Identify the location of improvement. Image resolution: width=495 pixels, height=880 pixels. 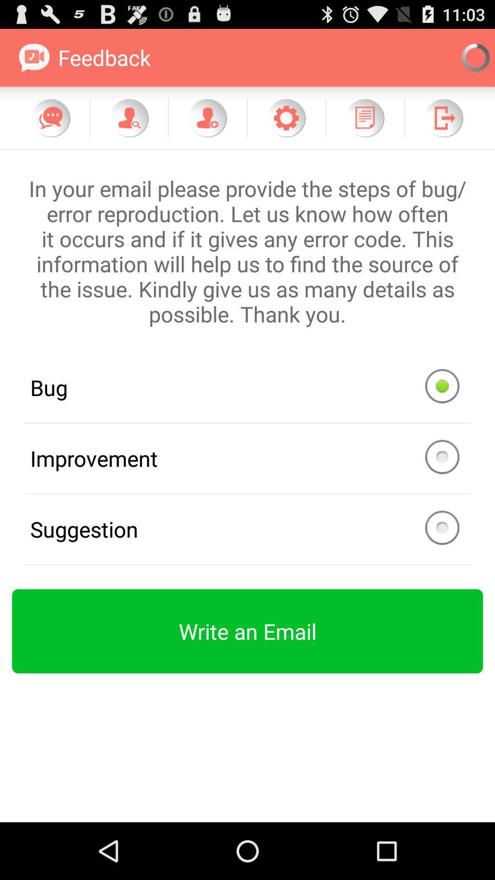
(247, 458).